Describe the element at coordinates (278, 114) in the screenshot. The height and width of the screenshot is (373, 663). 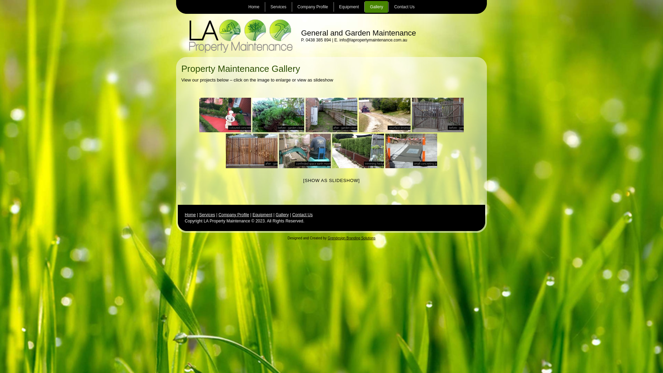
I see `'la-property-maintenance-garden-cleanup2'` at that location.